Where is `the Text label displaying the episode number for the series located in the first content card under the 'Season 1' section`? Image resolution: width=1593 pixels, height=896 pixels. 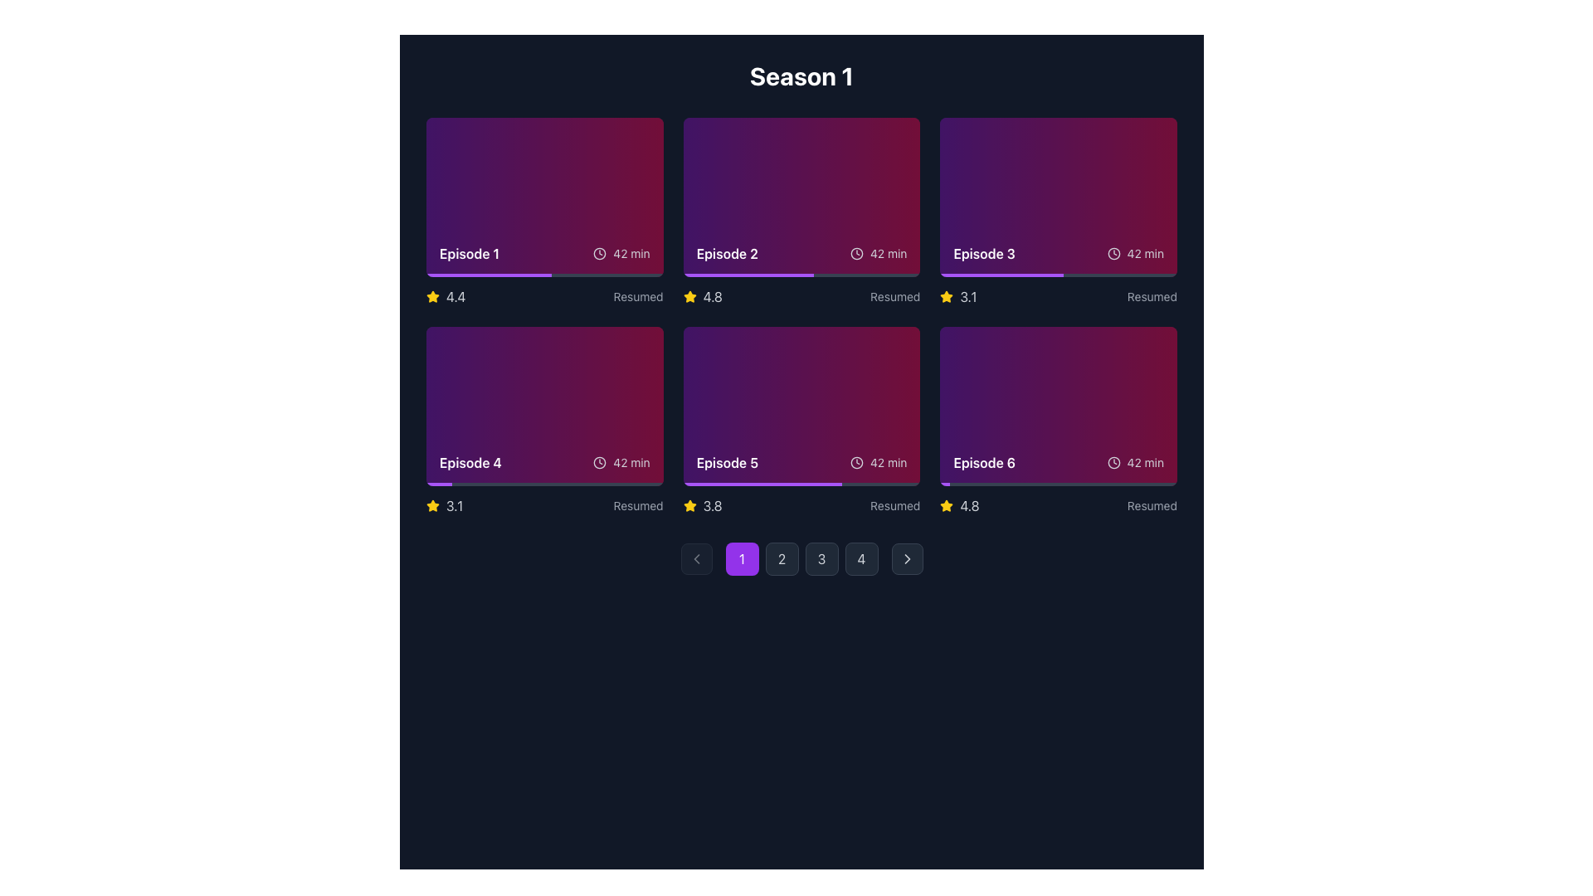 the Text label displaying the episode number for the series located in the first content card under the 'Season 1' section is located at coordinates (469, 253).